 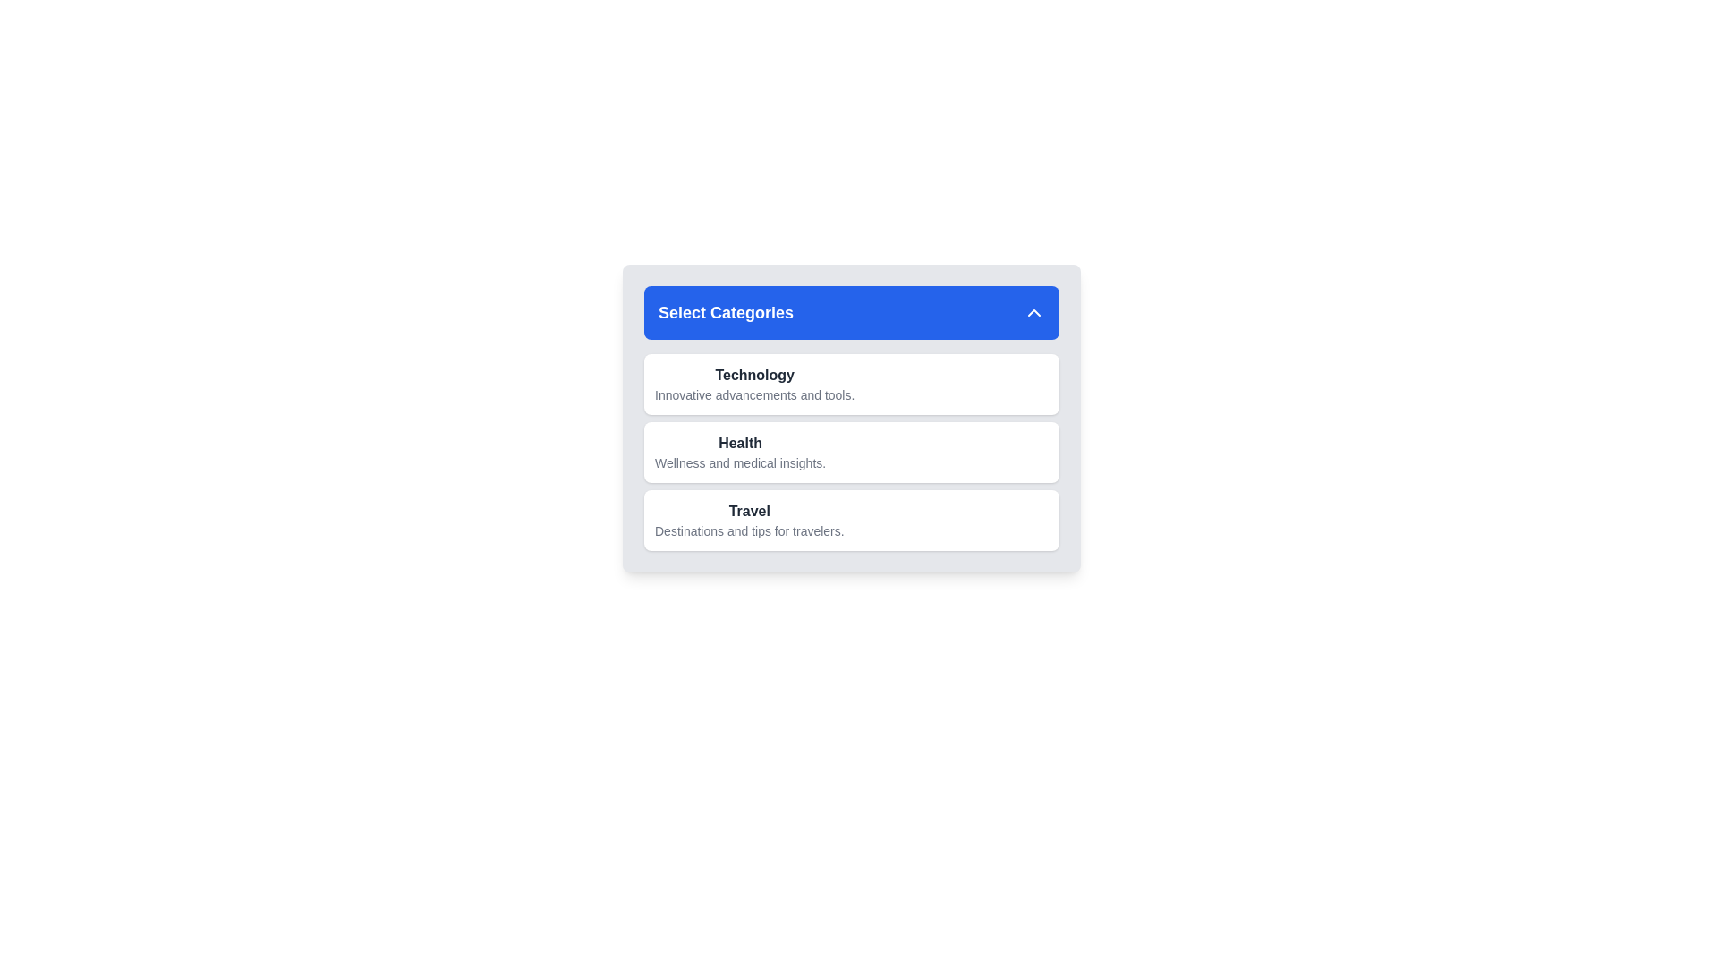 I want to click on the upward-pointing chevron icon located at the top-right corner of the 'Select Categories' section header, so click(x=1034, y=312).